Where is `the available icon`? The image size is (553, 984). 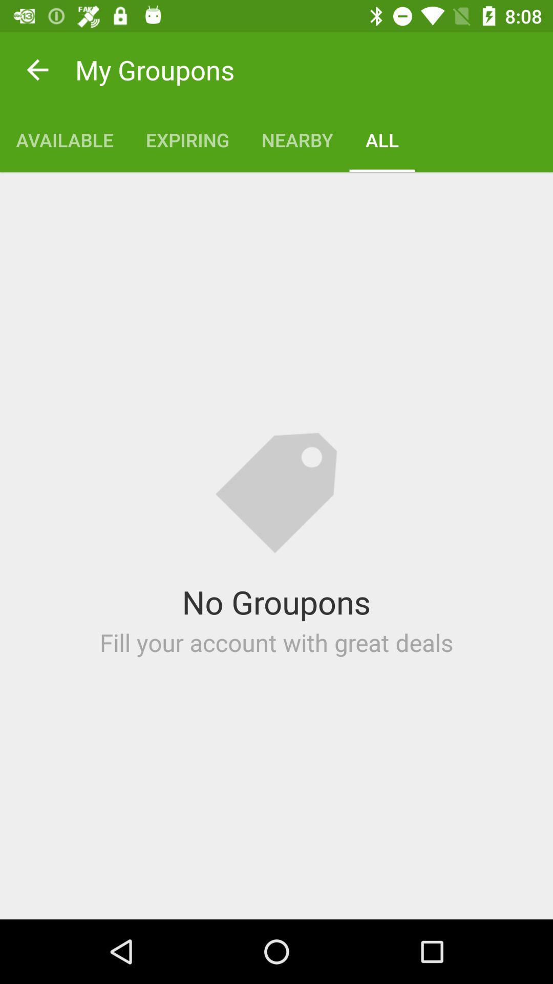 the available icon is located at coordinates (65, 139).